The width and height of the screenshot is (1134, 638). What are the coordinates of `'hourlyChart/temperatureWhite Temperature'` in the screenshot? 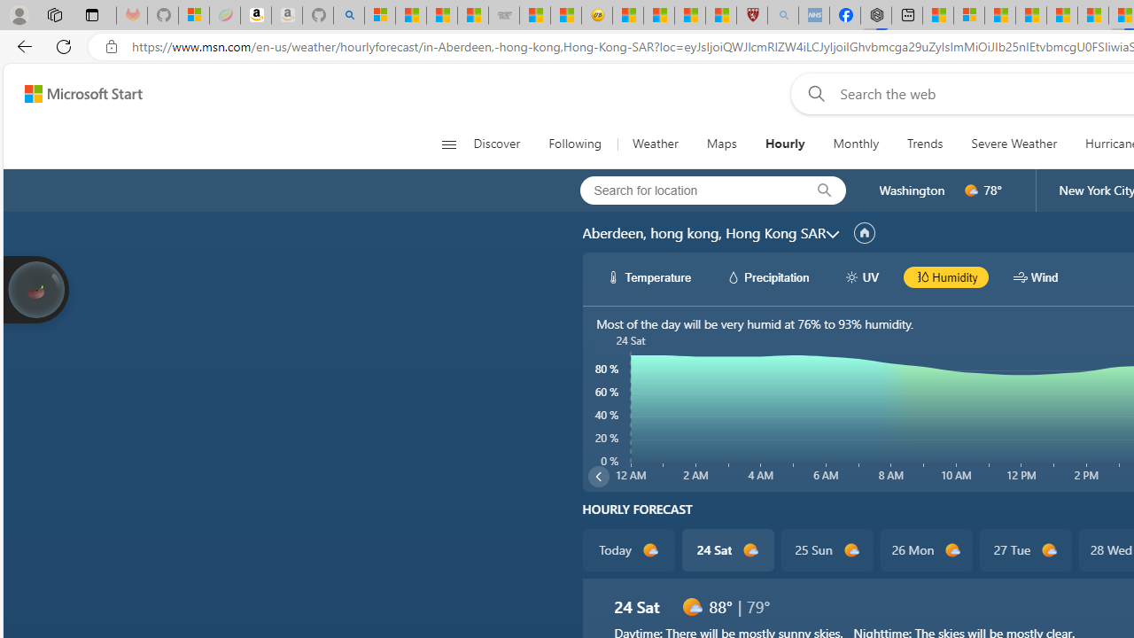 It's located at (649, 276).